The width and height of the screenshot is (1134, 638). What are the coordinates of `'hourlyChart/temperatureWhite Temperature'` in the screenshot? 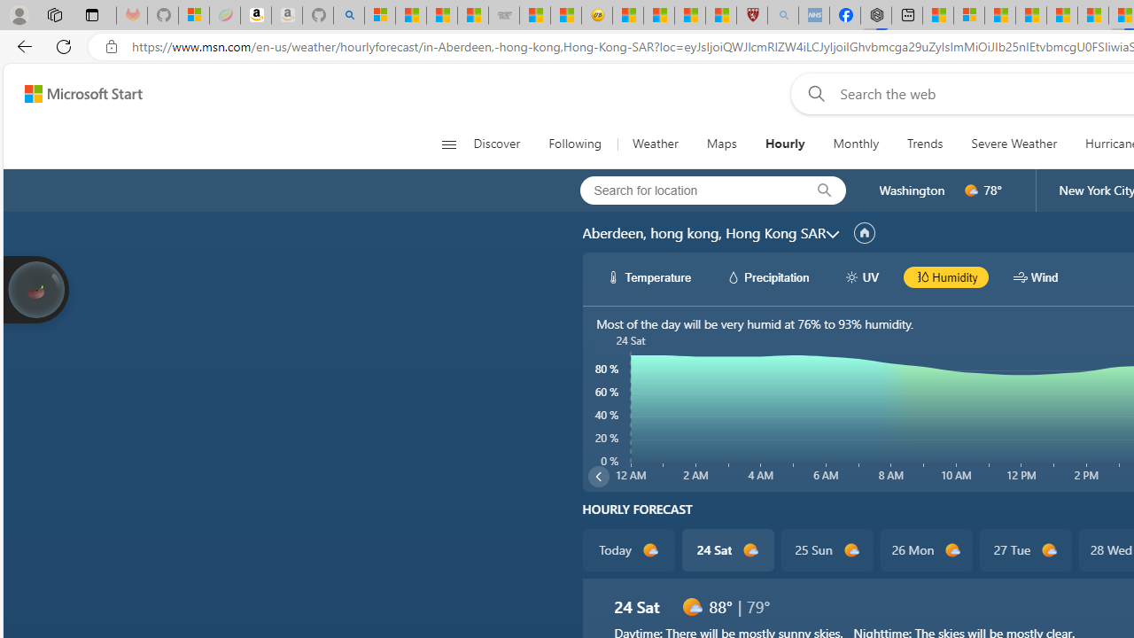 It's located at (649, 276).